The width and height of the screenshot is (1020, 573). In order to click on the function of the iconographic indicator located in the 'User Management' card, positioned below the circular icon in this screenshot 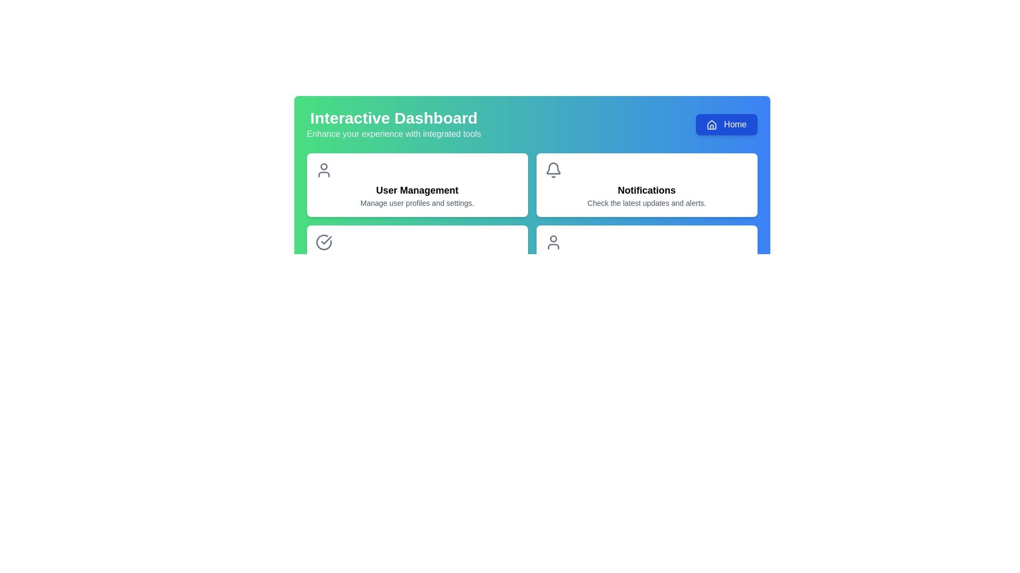, I will do `click(326, 240)`.